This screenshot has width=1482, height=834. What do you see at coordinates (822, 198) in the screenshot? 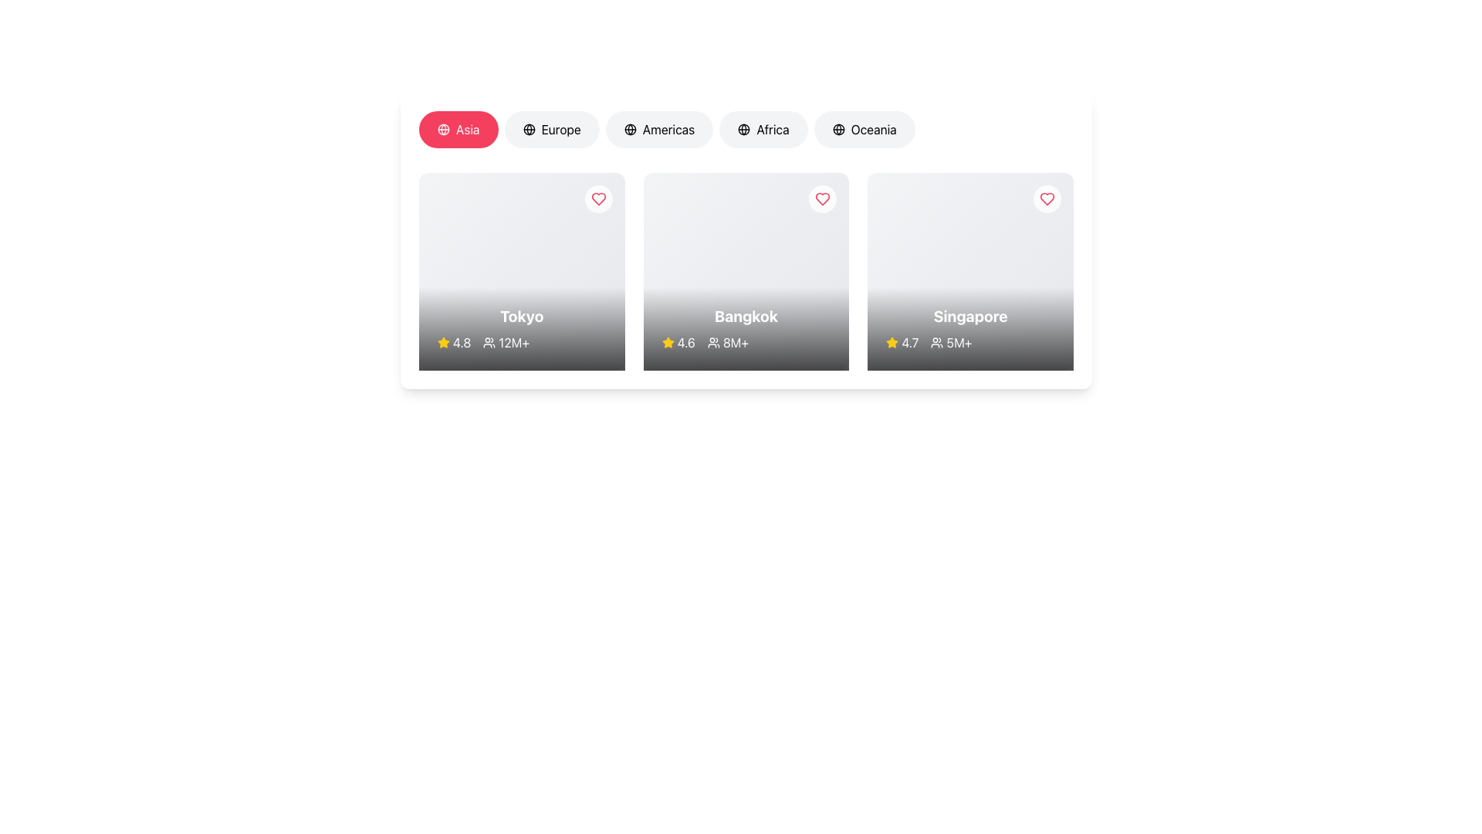
I see `the favorite icon button located at the top-right corner of the Bangkok card to observe any visual feedback indicating its favorite status` at bounding box center [822, 198].